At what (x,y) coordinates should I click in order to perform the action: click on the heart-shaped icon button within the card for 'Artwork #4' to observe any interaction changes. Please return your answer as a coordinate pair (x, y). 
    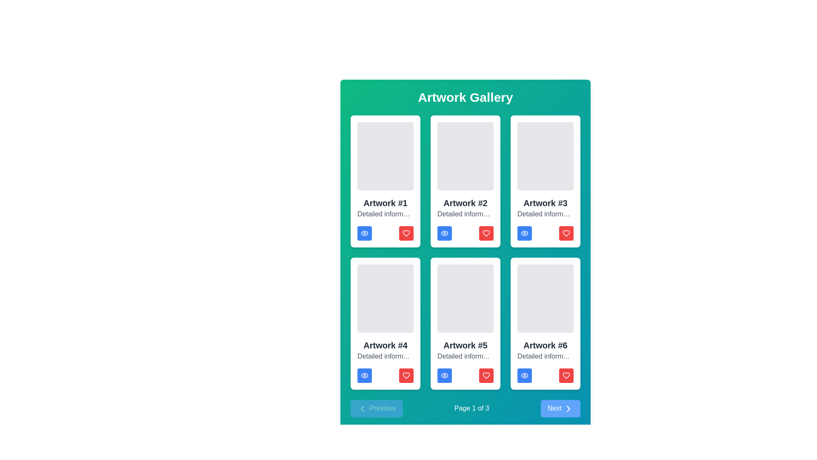
    Looking at the image, I should click on (406, 375).